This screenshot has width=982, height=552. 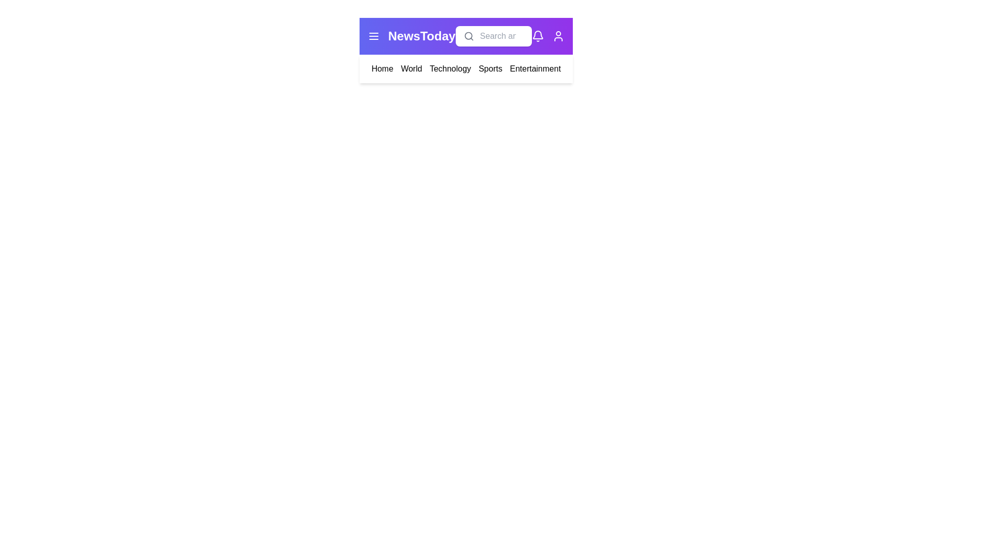 What do you see at coordinates (382, 69) in the screenshot?
I see `the navigation link for Home` at bounding box center [382, 69].